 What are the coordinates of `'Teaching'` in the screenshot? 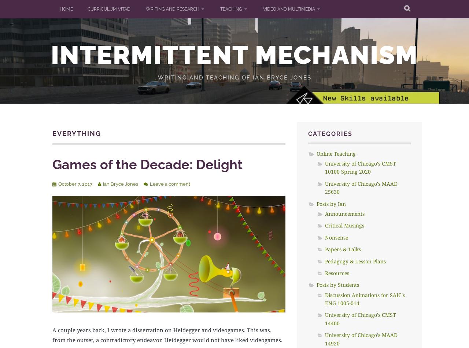 It's located at (231, 9).